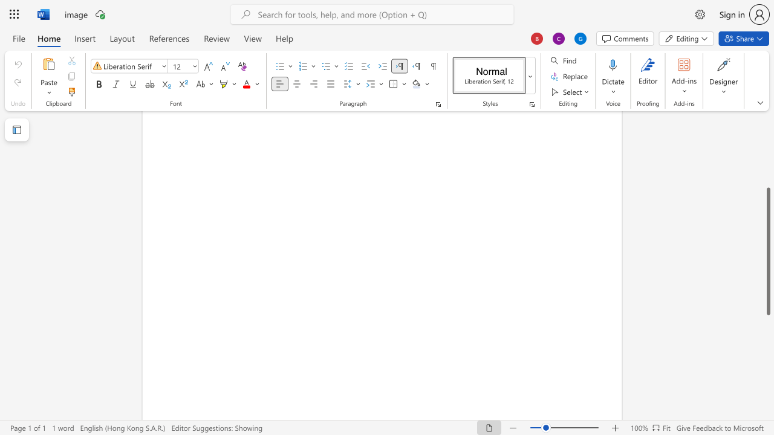 This screenshot has width=774, height=435. Describe the element at coordinates (767, 150) in the screenshot. I see `the right-hand scrollbar to ascend the page` at that location.